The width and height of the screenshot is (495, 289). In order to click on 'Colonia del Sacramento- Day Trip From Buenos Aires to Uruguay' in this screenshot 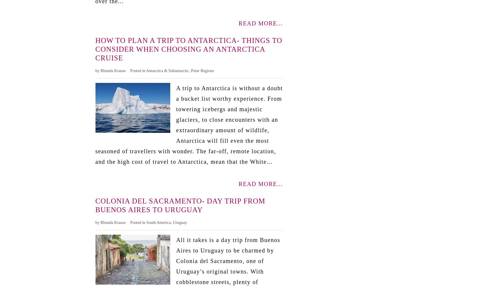, I will do `click(180, 205)`.